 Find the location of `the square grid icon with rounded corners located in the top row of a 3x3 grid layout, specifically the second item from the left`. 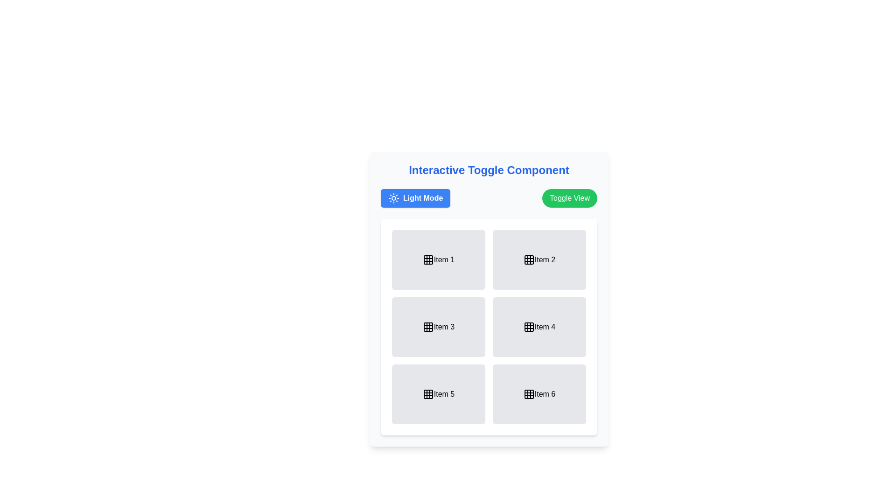

the square grid icon with rounded corners located in the top row of a 3x3 grid layout, specifically the second item from the left is located at coordinates (529, 259).